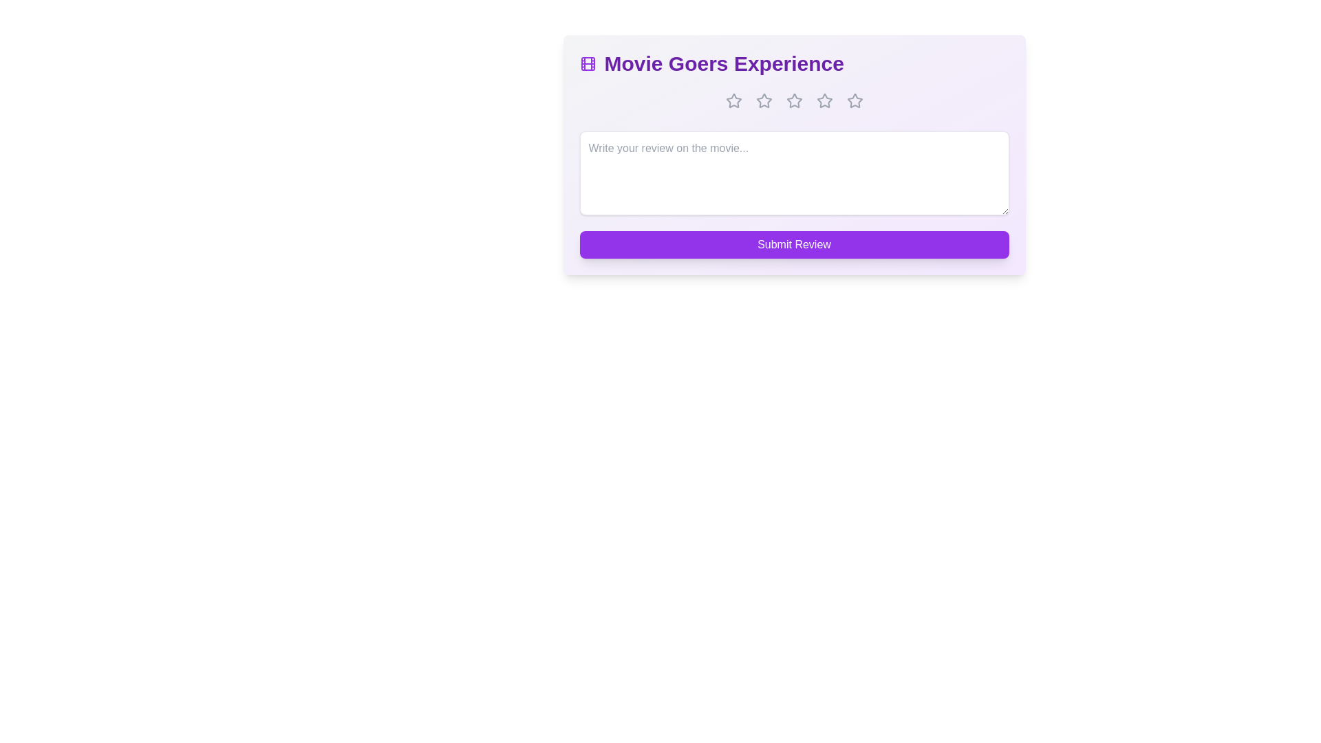 The width and height of the screenshot is (1321, 743). I want to click on the star corresponding to 4 stars to set the rating, so click(824, 100).